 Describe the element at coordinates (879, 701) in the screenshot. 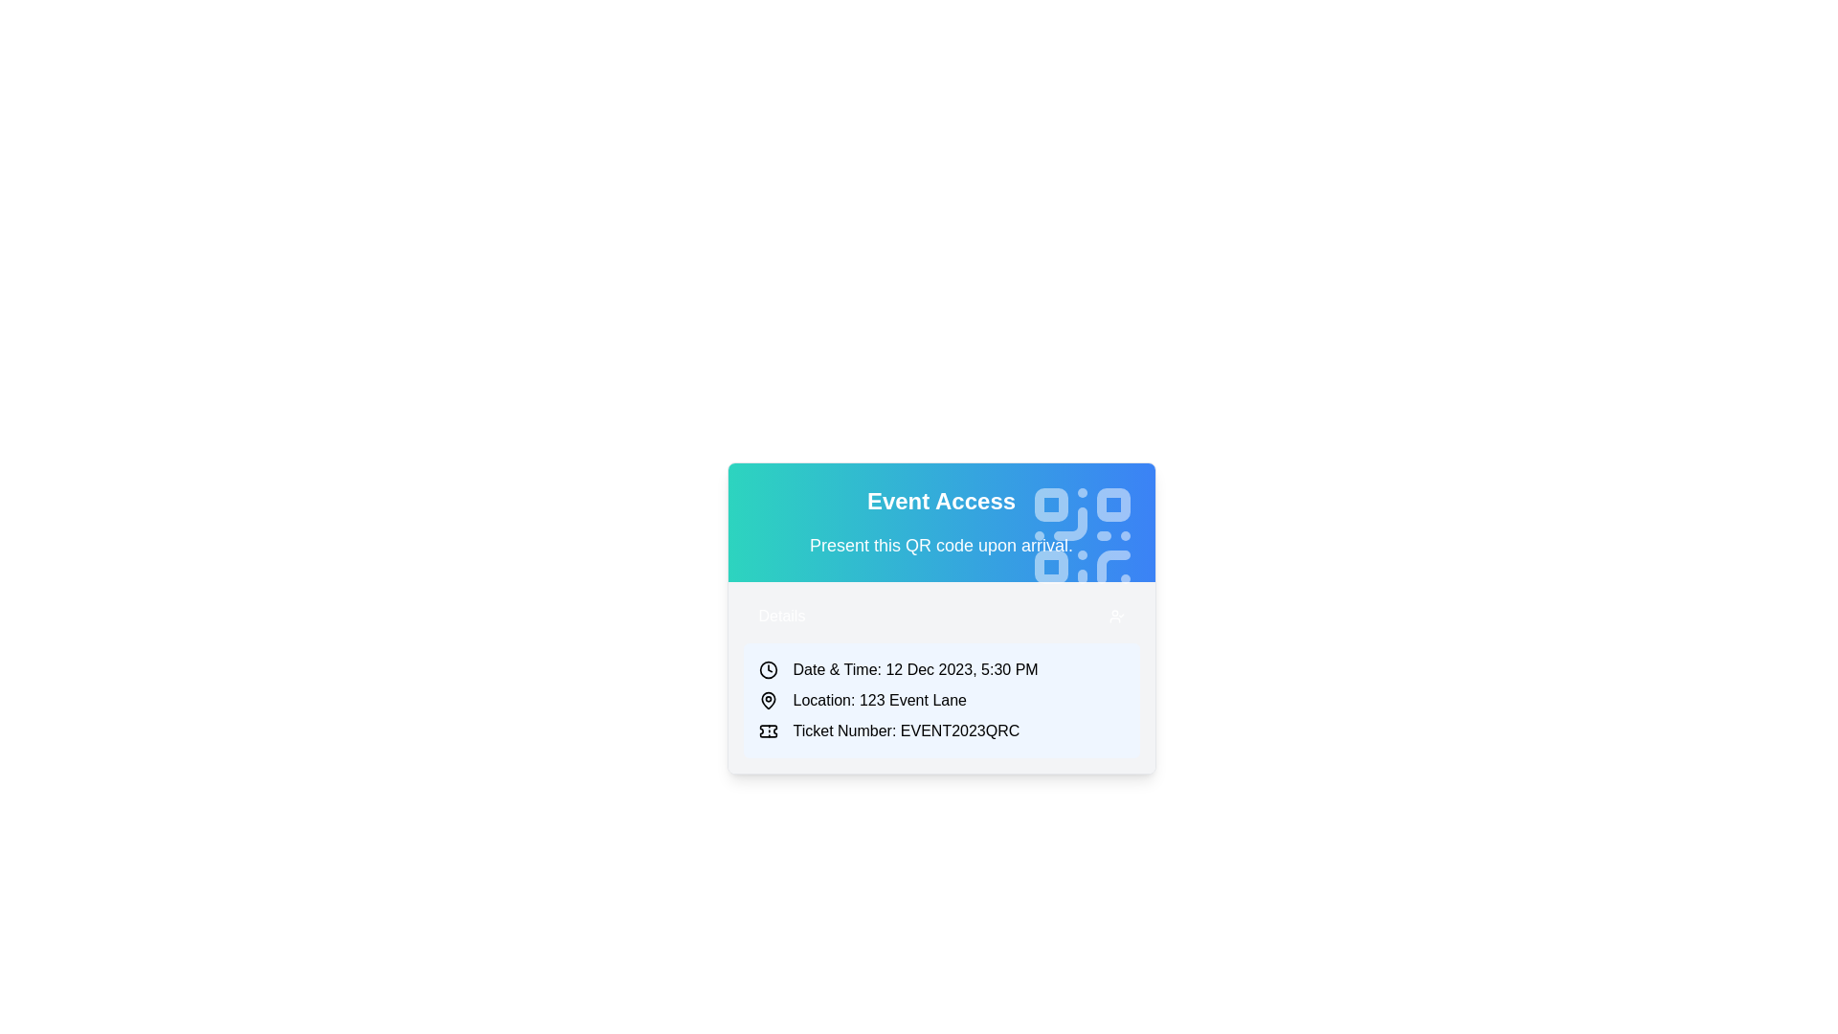

I see `text displayed in the second informational row of the card, which shows the location address for the event, positioned next to a location icon` at that location.